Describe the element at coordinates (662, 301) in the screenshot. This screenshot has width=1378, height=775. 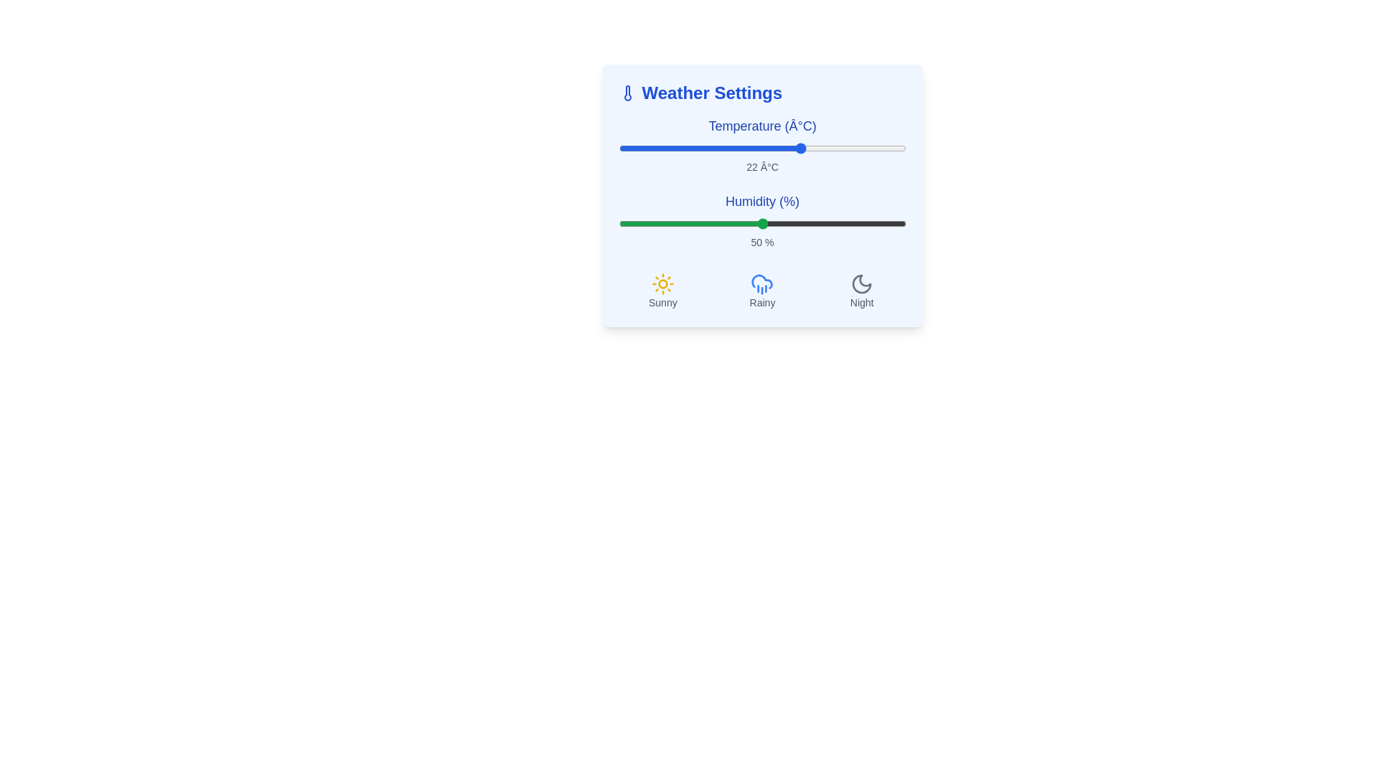
I see `the static text label displaying the word 'Sunny', which is styled with a small-sized font and a light gray color, located beneath a yellow sun icon in the weather section` at that location.